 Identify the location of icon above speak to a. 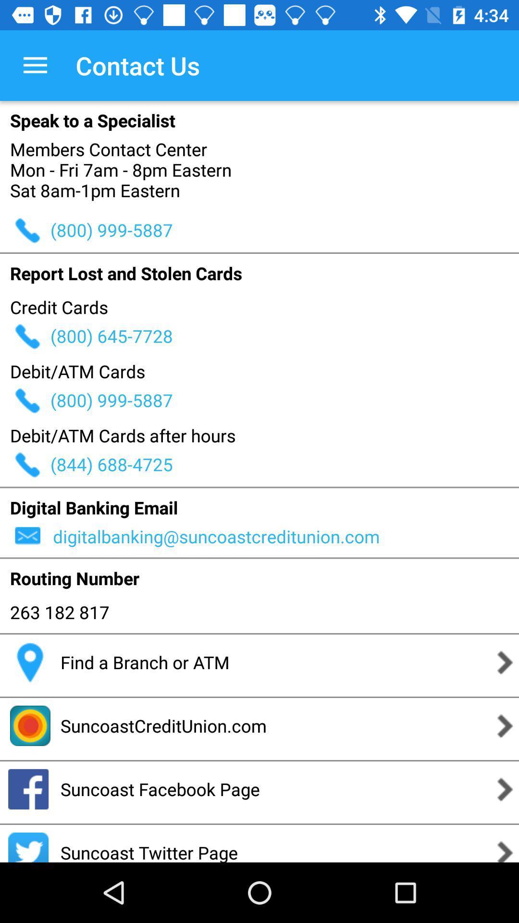
(35, 65).